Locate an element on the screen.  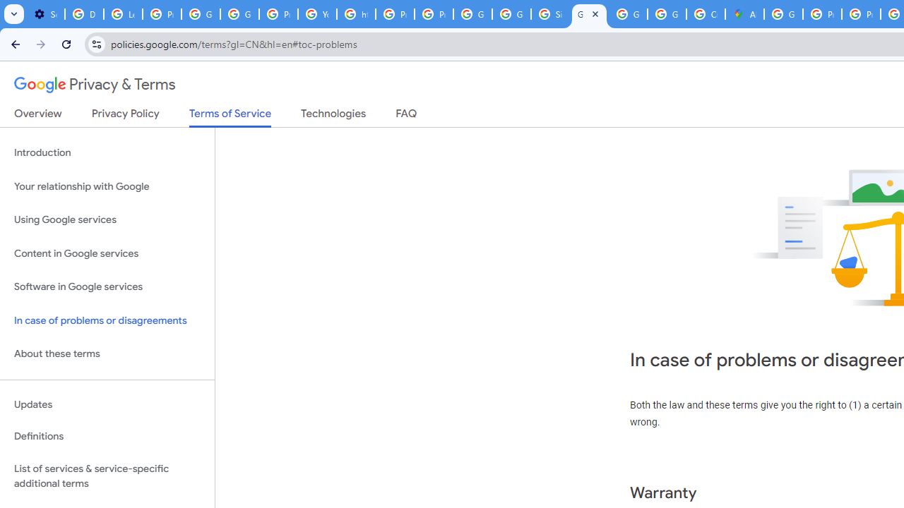
'About these terms' is located at coordinates (107, 353).